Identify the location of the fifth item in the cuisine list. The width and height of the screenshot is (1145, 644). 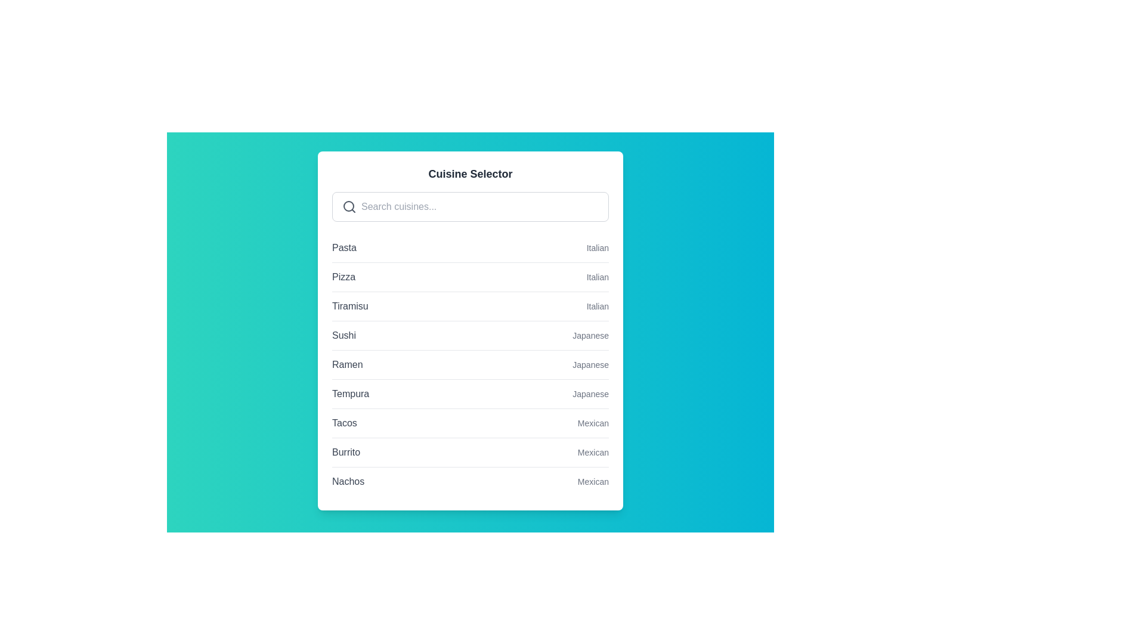
(469, 364).